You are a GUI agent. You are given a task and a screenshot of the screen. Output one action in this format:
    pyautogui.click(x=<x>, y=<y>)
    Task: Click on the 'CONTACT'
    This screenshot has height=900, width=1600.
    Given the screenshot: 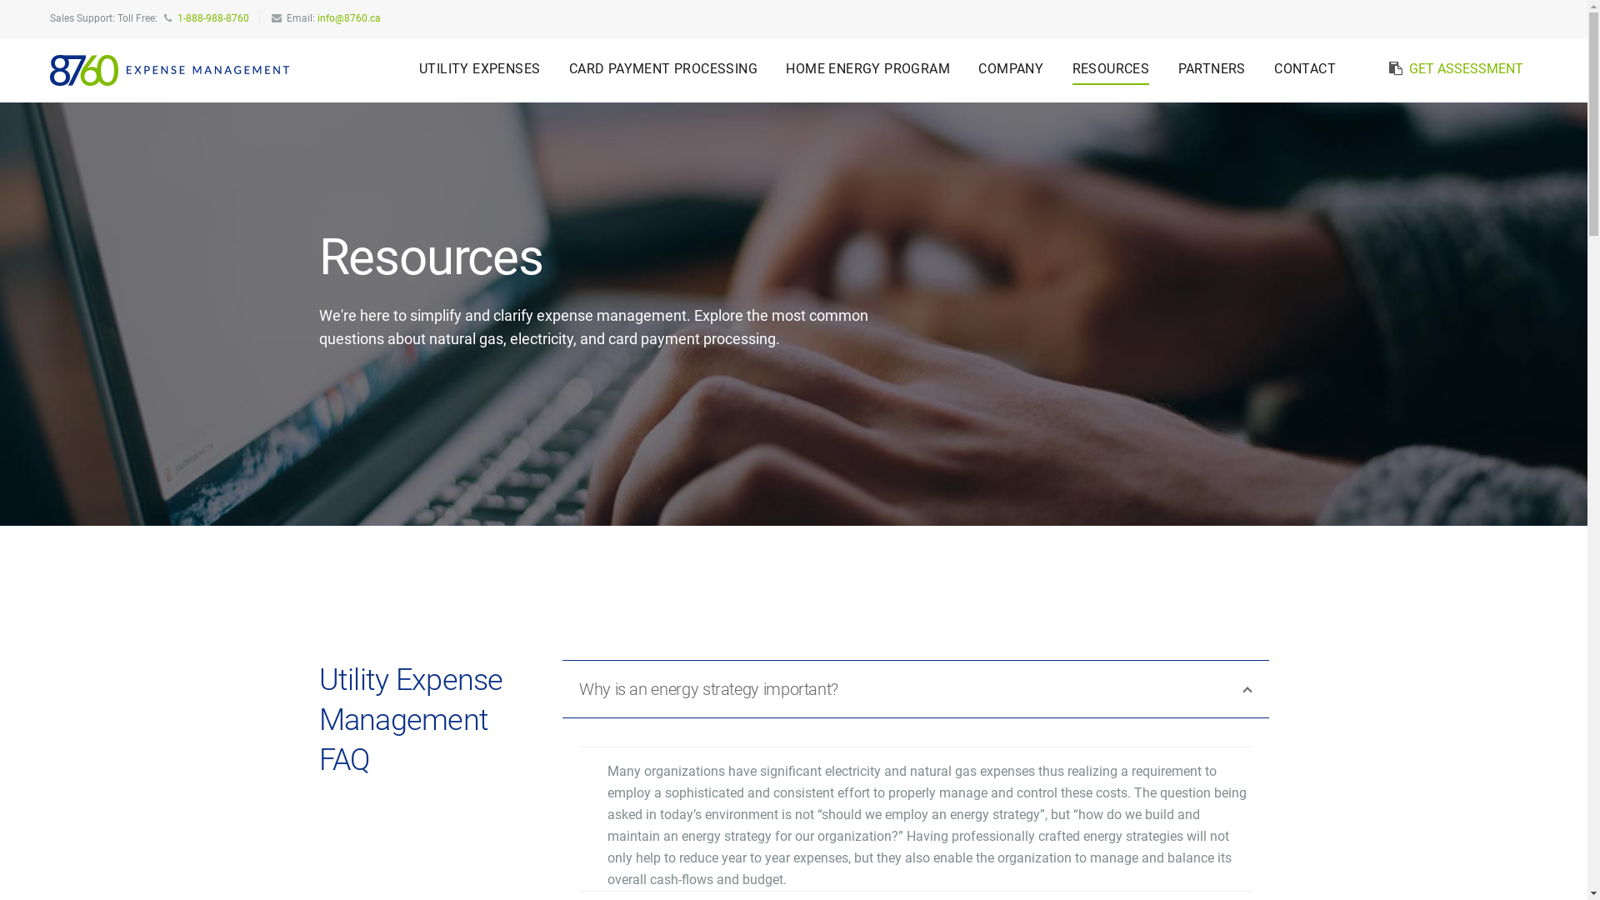 What is the action you would take?
    pyautogui.click(x=1303, y=68)
    